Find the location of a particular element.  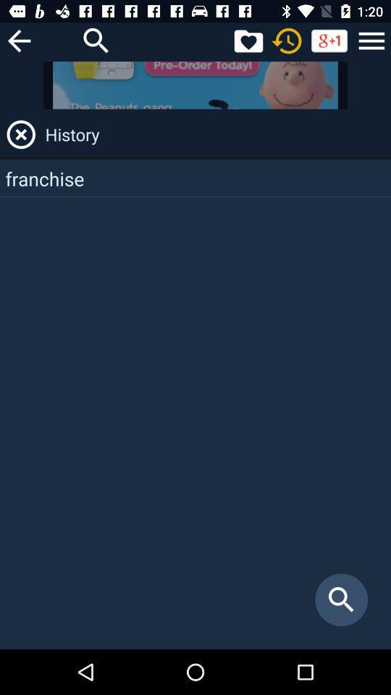

button to close option is located at coordinates (20, 134).